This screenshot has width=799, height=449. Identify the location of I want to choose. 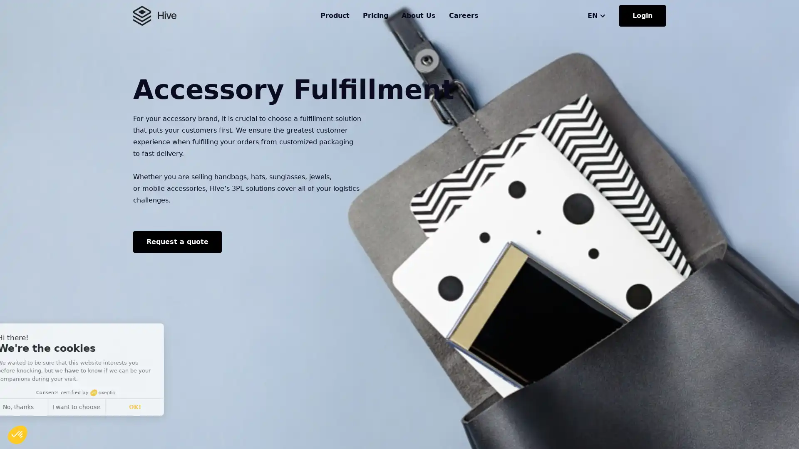
(96, 407).